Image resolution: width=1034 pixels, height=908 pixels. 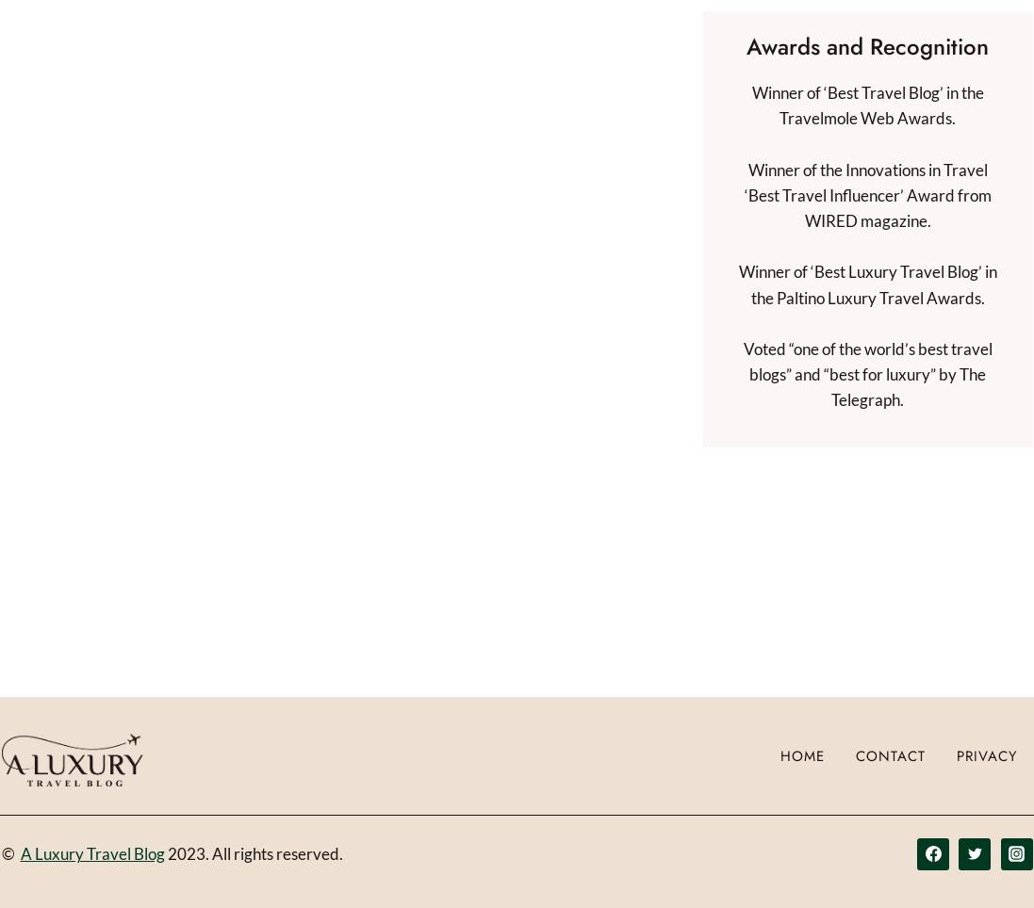 What do you see at coordinates (889, 755) in the screenshot?
I see `'Contact'` at bounding box center [889, 755].